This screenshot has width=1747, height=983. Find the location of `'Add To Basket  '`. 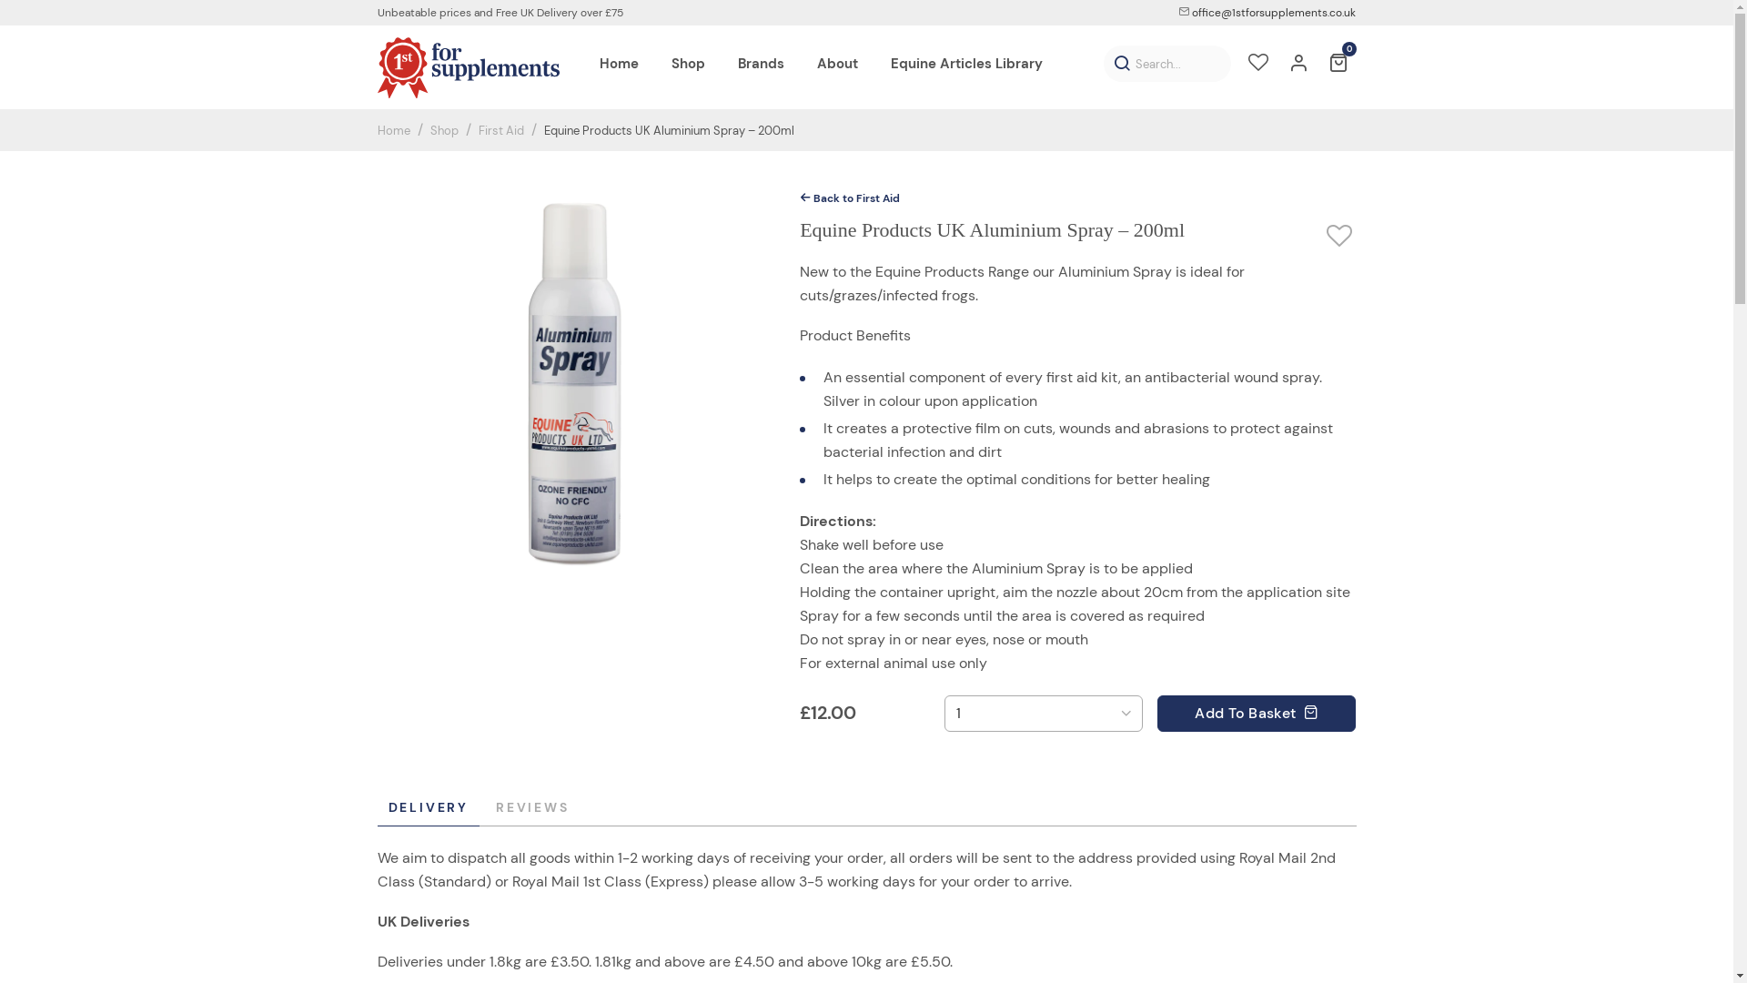

'Add To Basket  ' is located at coordinates (1256, 712).